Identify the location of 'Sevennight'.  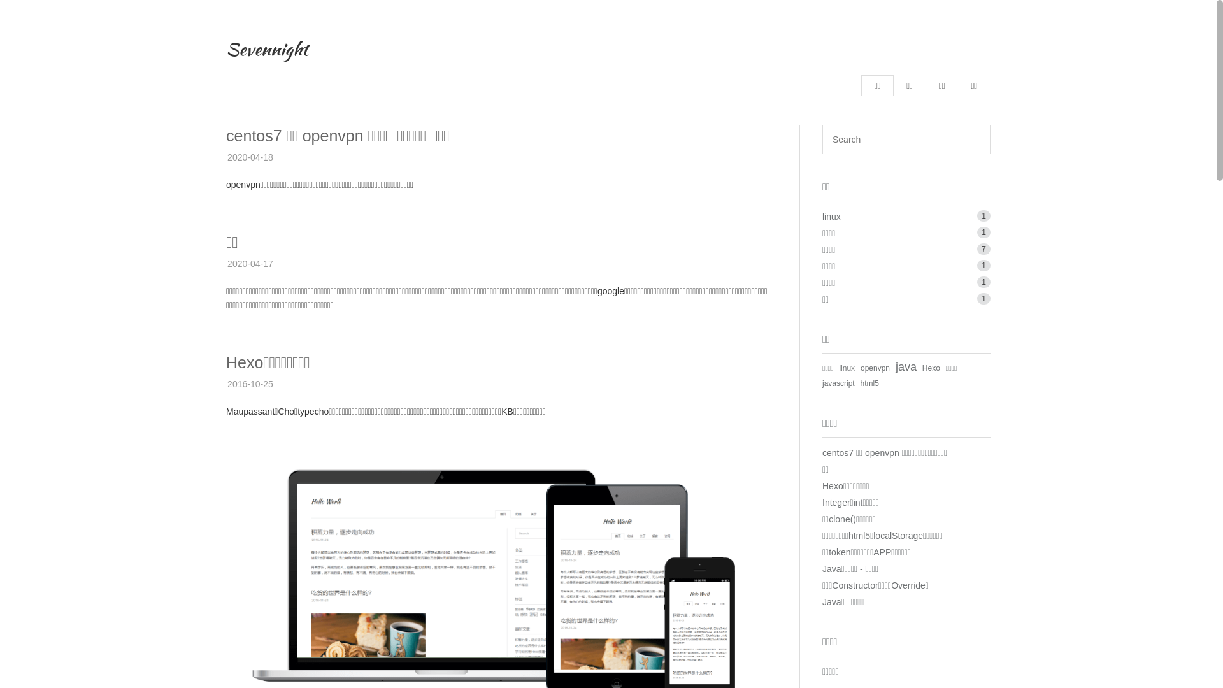
(266, 48).